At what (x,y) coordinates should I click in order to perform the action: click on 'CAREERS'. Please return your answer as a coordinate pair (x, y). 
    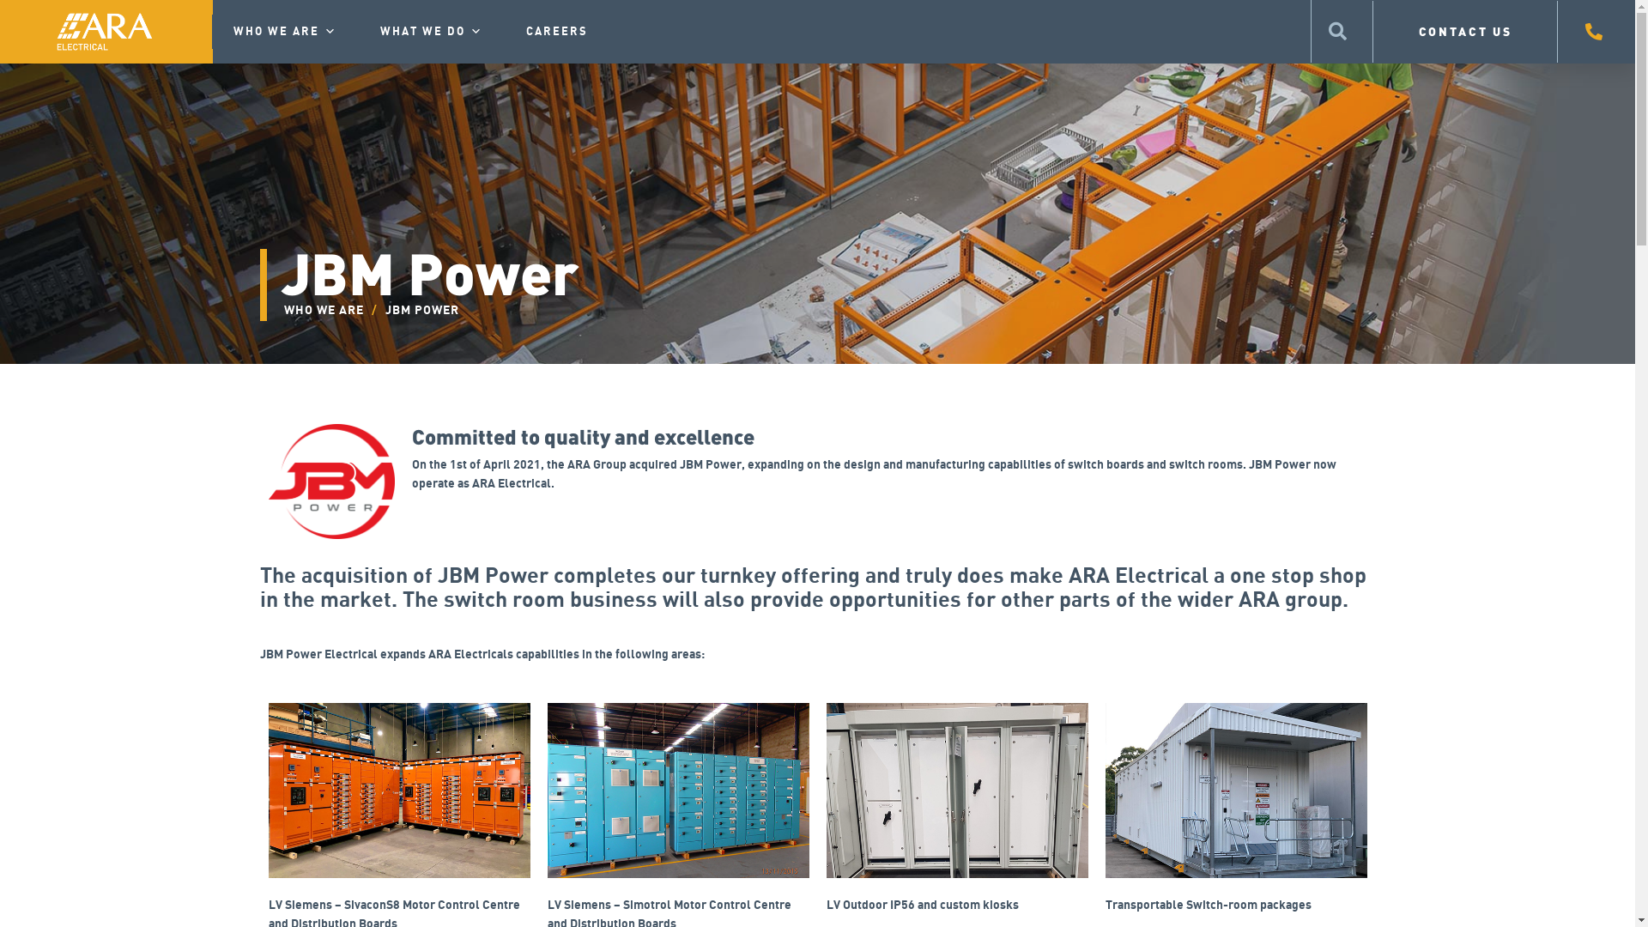
    Looking at the image, I should click on (556, 32).